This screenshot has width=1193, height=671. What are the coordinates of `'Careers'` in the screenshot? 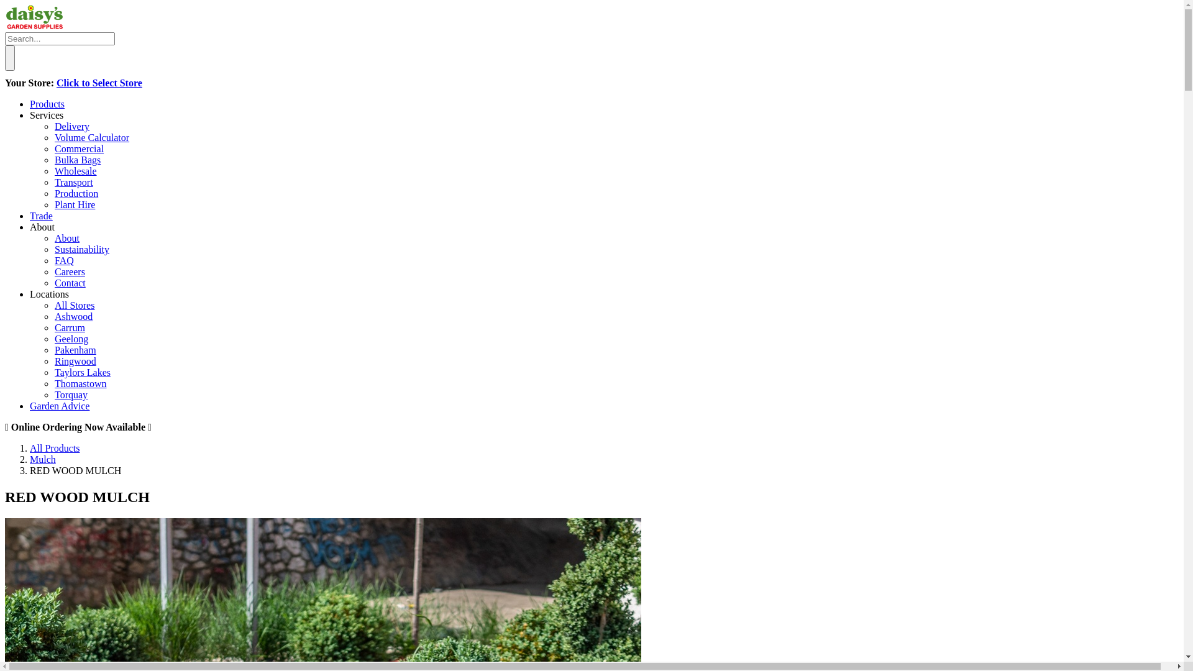 It's located at (69, 271).